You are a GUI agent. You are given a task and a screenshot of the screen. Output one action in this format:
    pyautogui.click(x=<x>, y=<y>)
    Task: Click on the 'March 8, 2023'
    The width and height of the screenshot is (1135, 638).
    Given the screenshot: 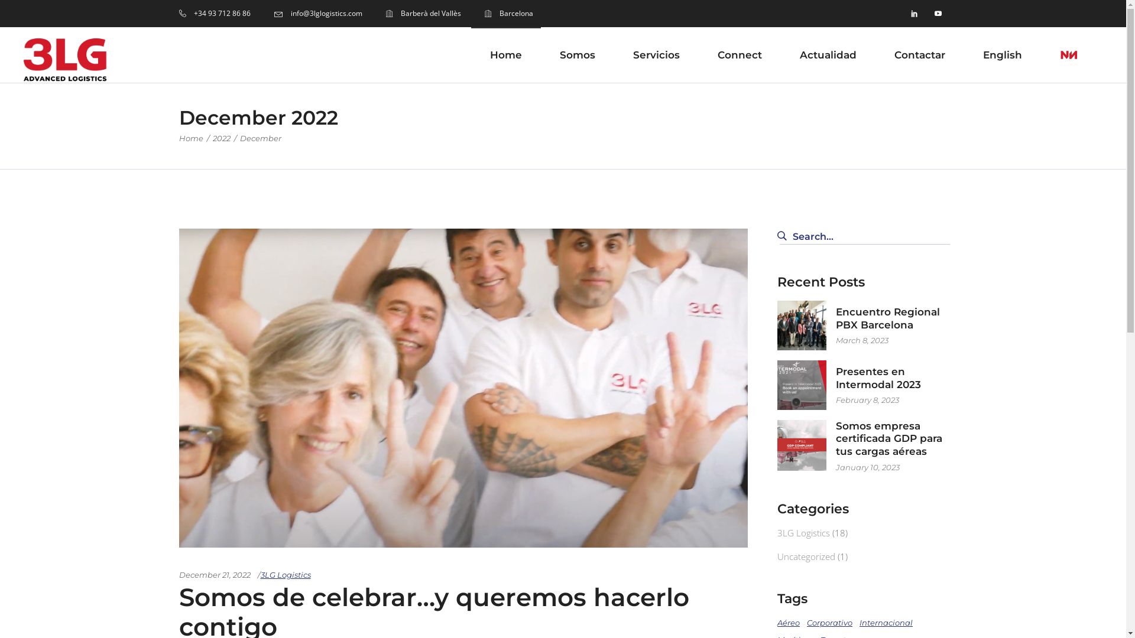 What is the action you would take?
    pyautogui.click(x=862, y=340)
    